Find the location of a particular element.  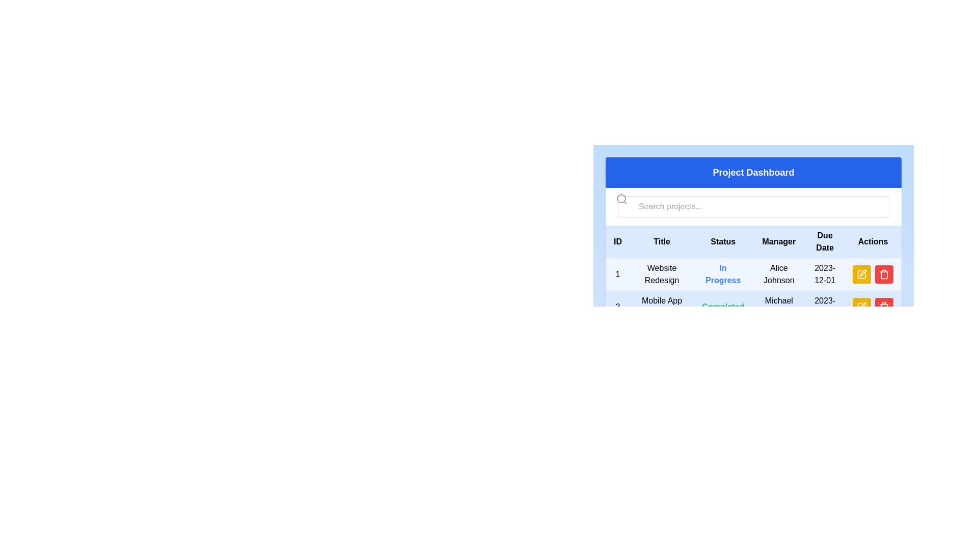

the delete button located in the 'Actions' column of the first row corresponding to 'Website Redesign' is located at coordinates (872, 274).